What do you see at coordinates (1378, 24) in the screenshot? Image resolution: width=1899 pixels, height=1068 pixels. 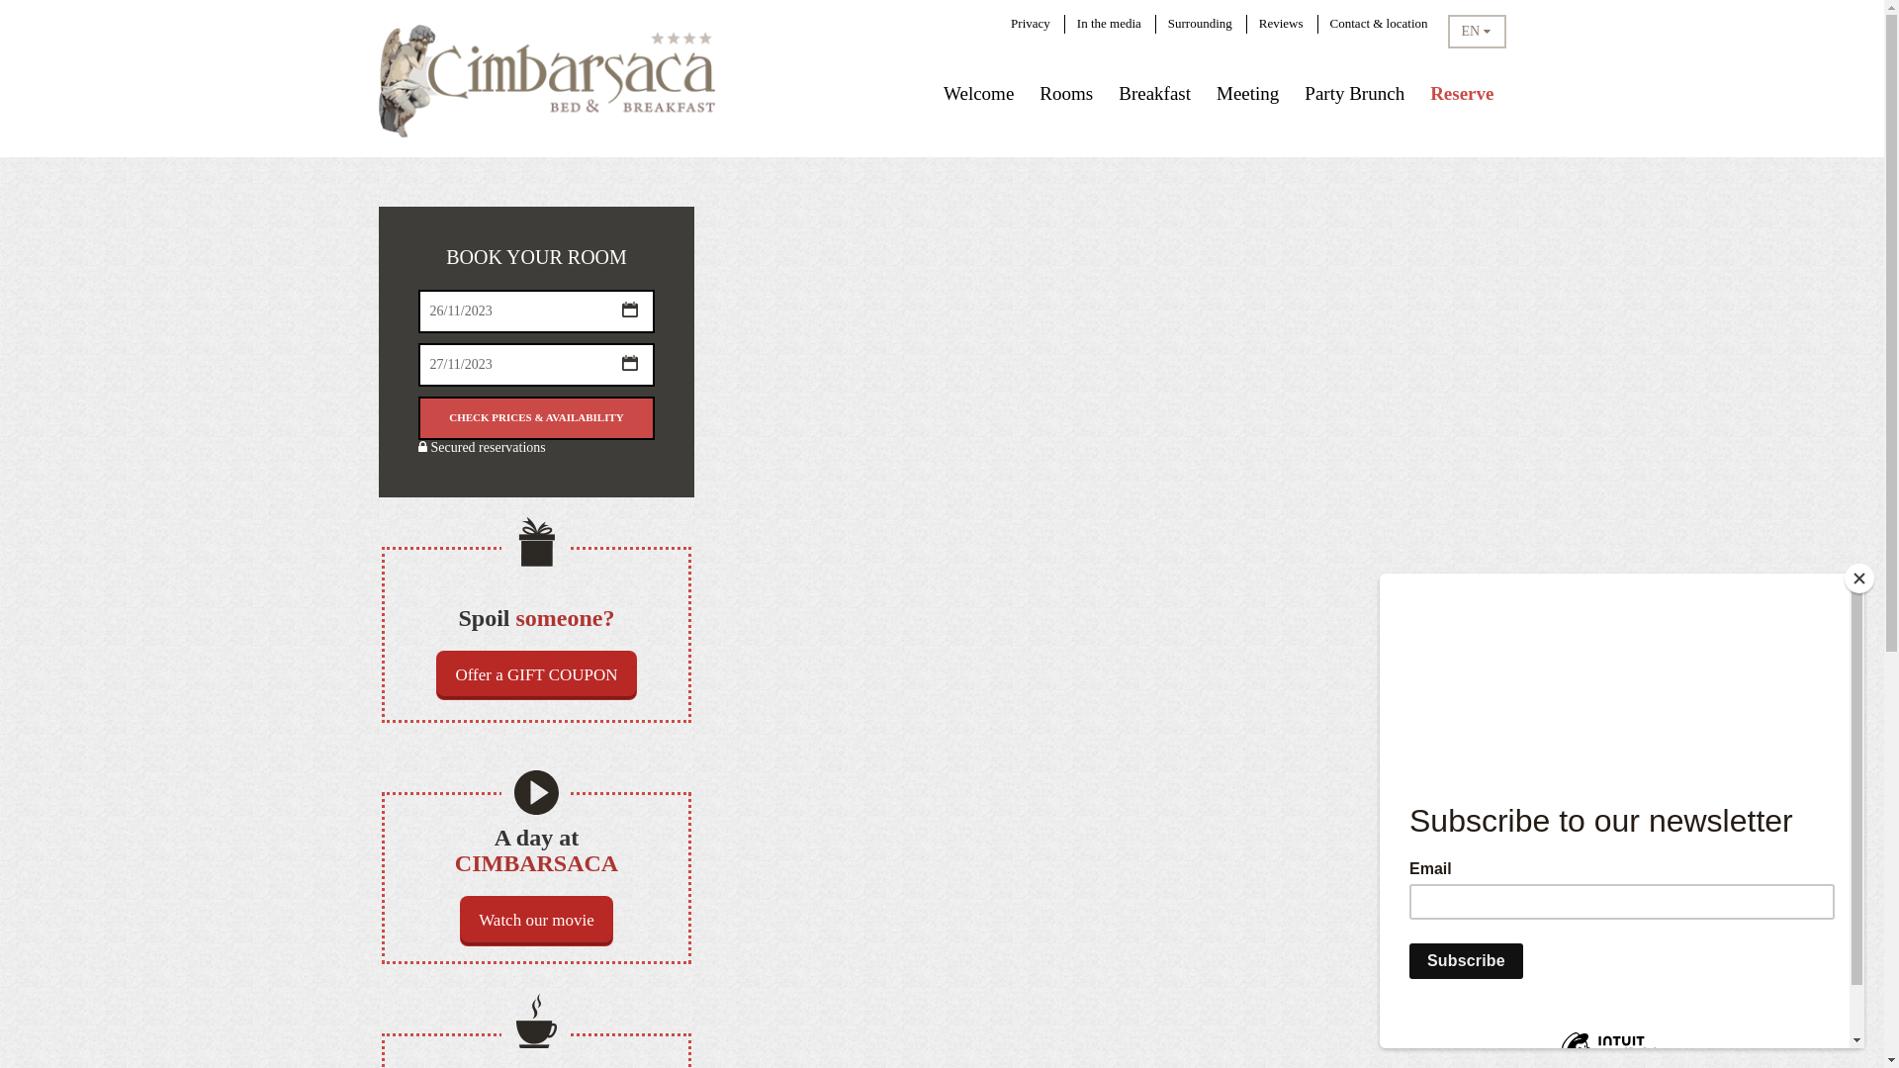 I see `'Contact & location'` at bounding box center [1378, 24].